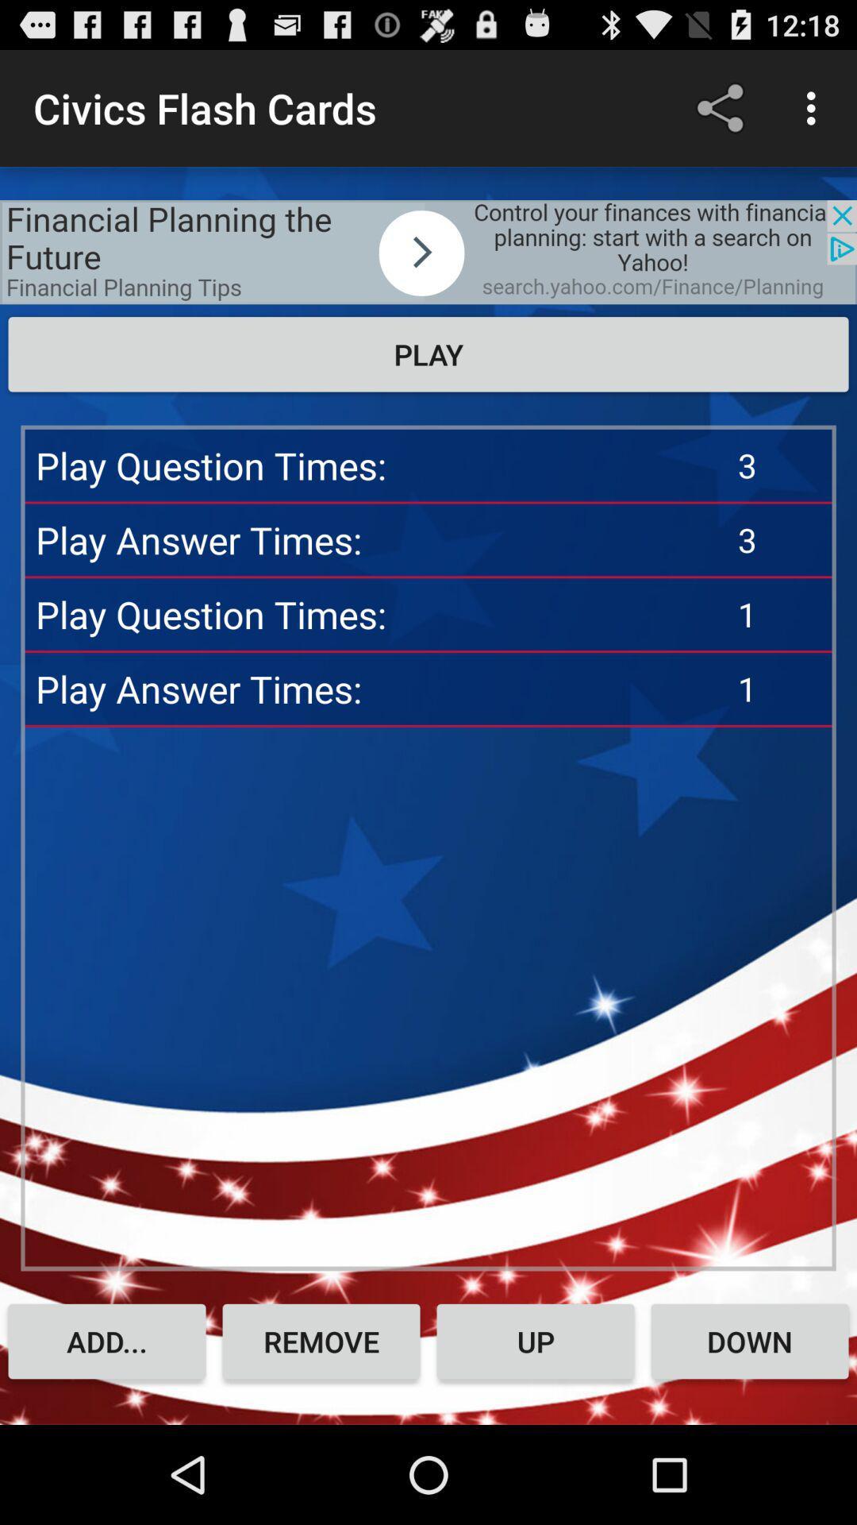  What do you see at coordinates (428, 251) in the screenshot?
I see `connect to advertisement` at bounding box center [428, 251].